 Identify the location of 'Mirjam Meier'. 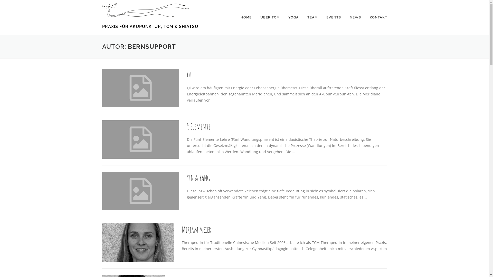
(196, 229).